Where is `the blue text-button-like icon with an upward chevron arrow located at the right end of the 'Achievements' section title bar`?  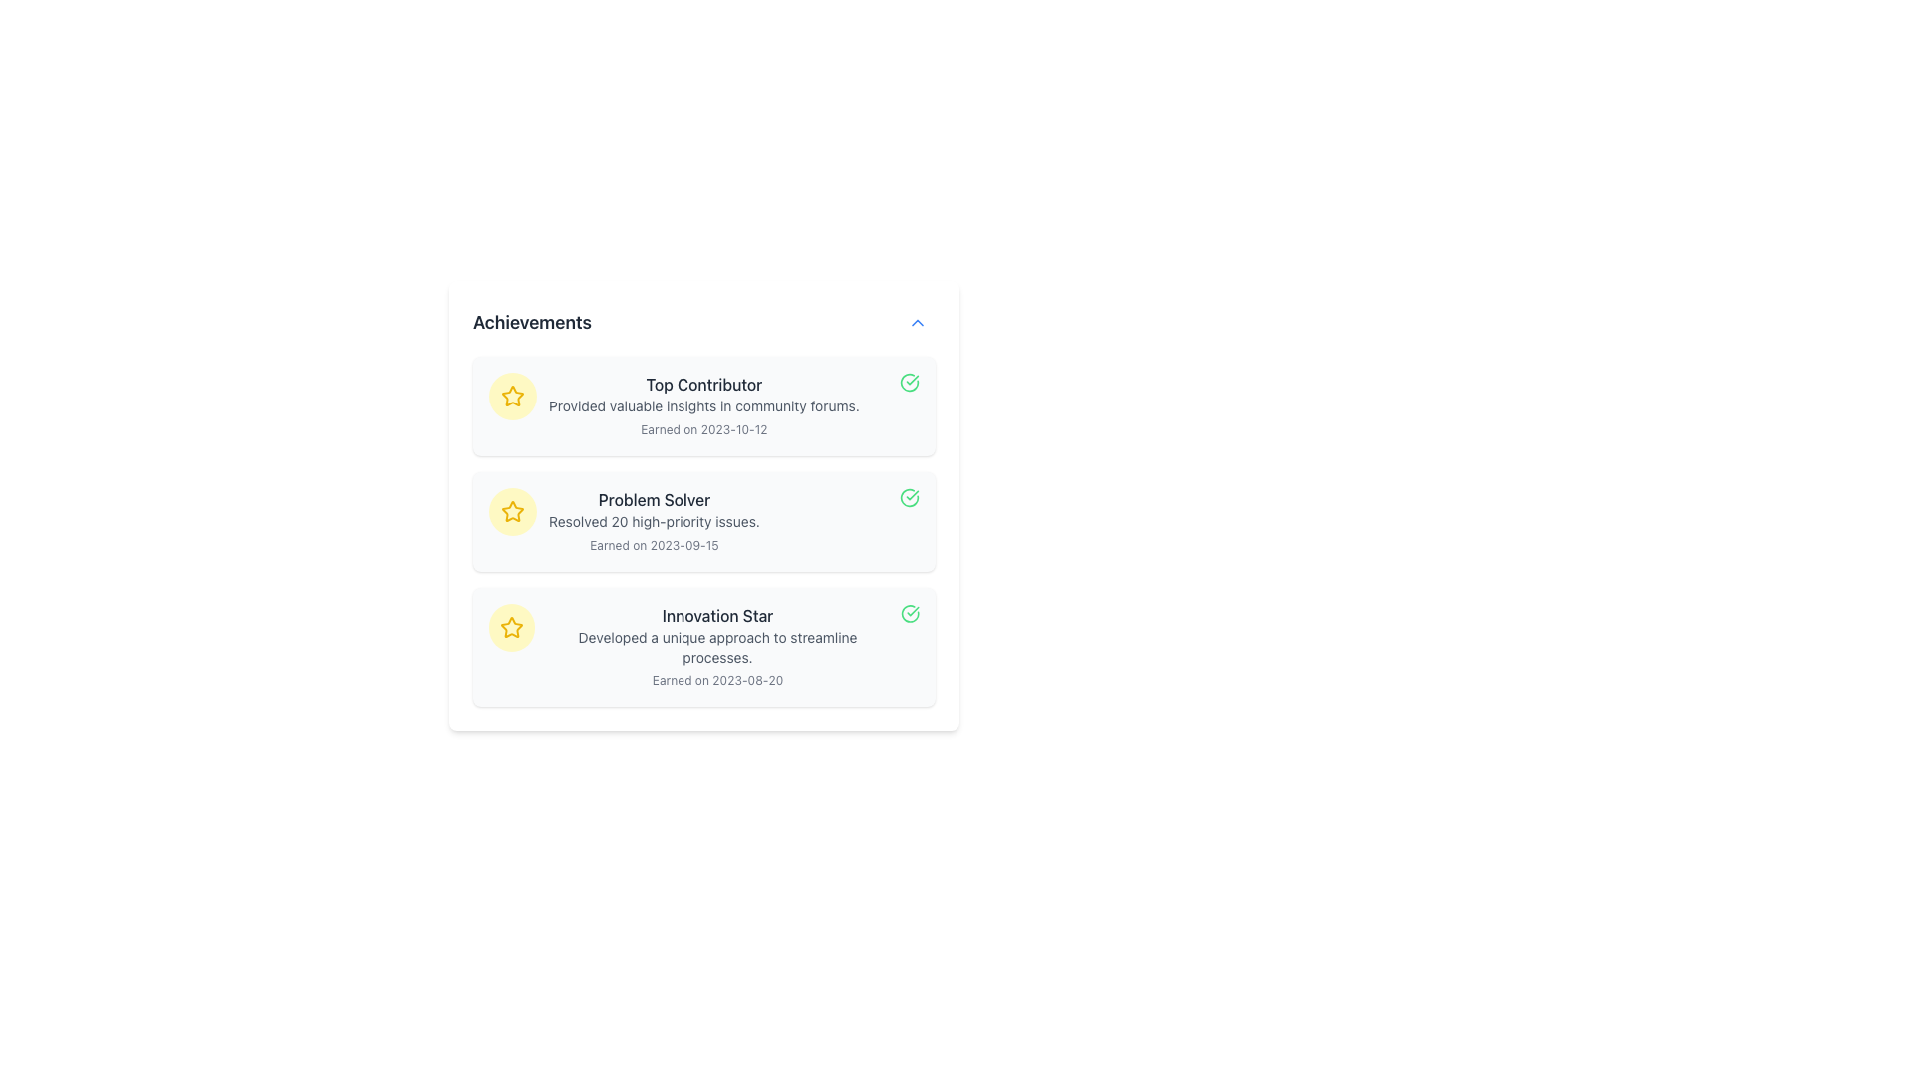
the blue text-button-like icon with an upward chevron arrow located at the right end of the 'Achievements' section title bar is located at coordinates (917, 322).